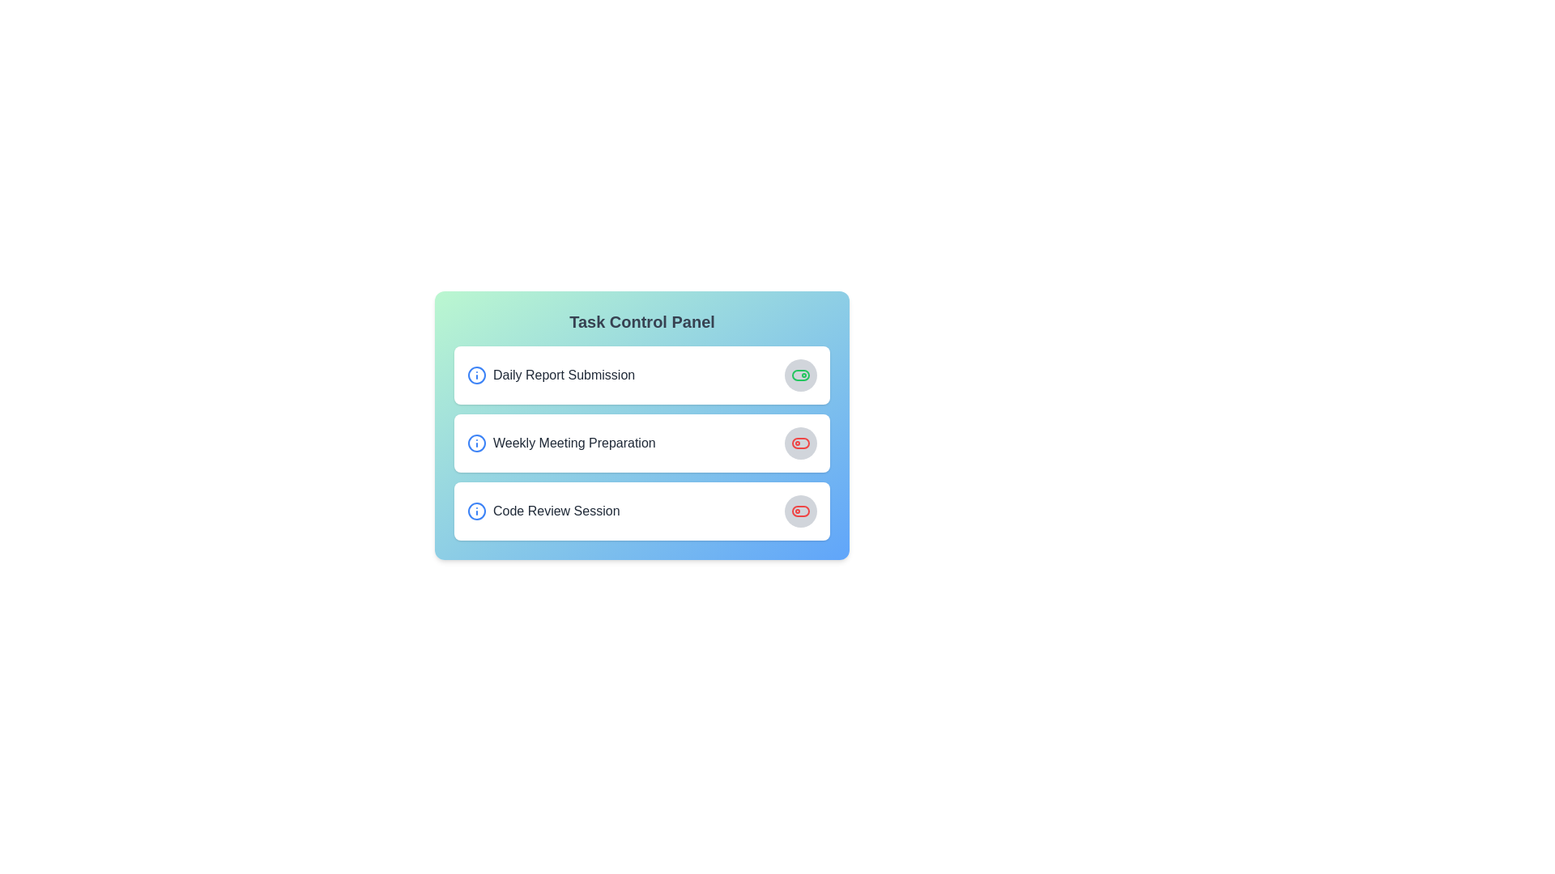 Image resolution: width=1555 pixels, height=874 pixels. Describe the element at coordinates (476, 375) in the screenshot. I see `the blue information icon located to the left of the 'Daily Report Submission' text` at that location.